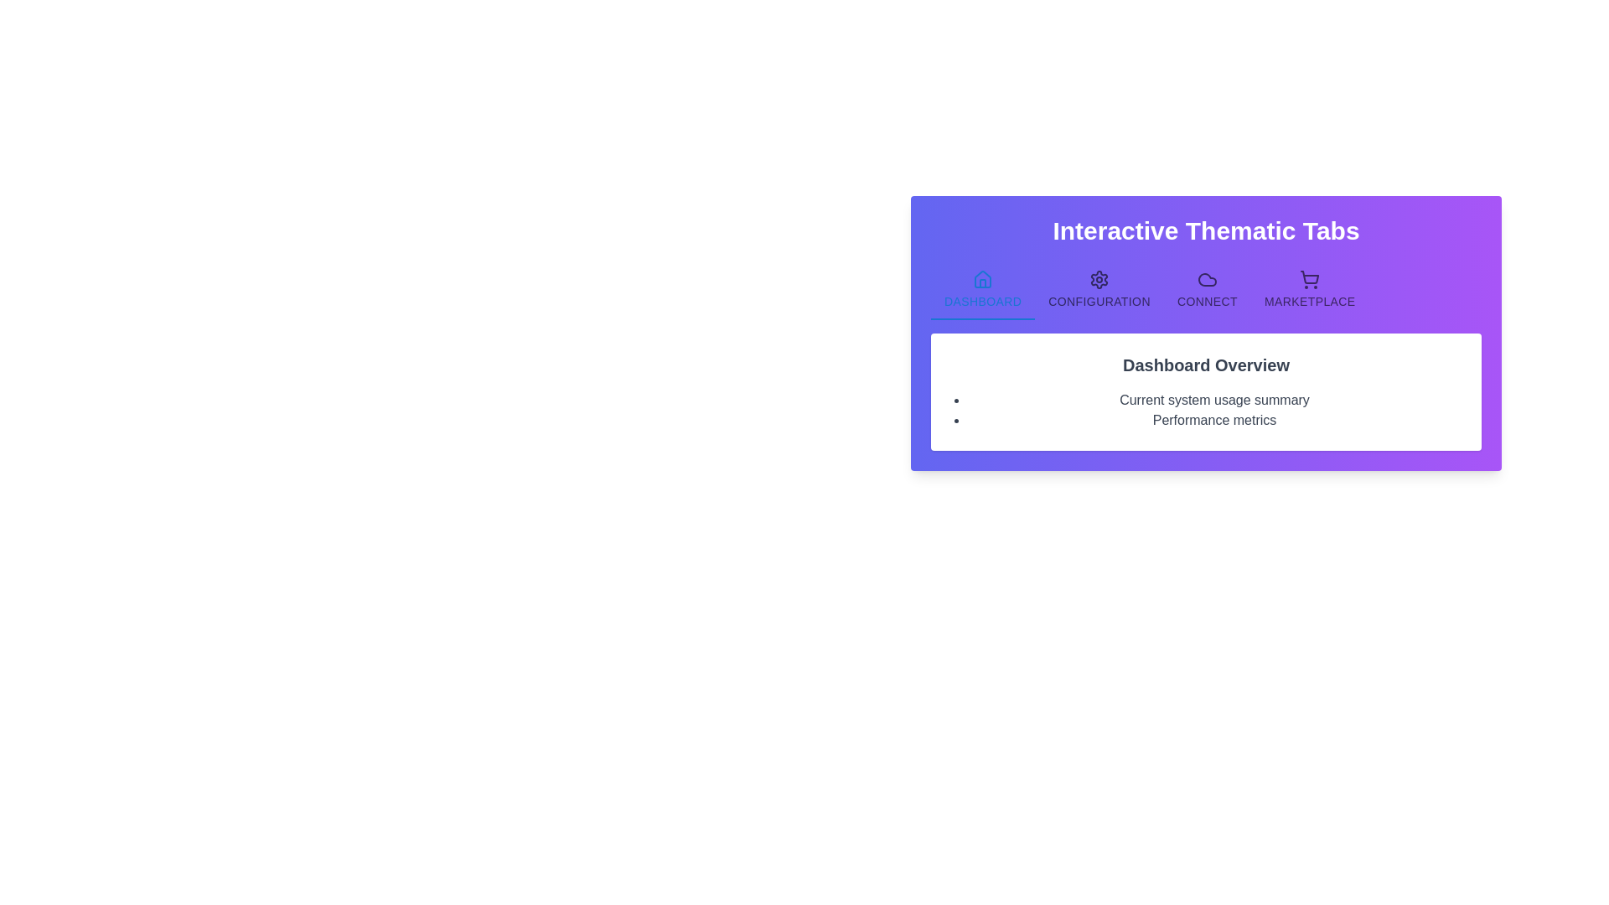 Image resolution: width=1609 pixels, height=905 pixels. What do you see at coordinates (983, 289) in the screenshot?
I see `the 'Dashboard' tab using keyboard navigation` at bounding box center [983, 289].